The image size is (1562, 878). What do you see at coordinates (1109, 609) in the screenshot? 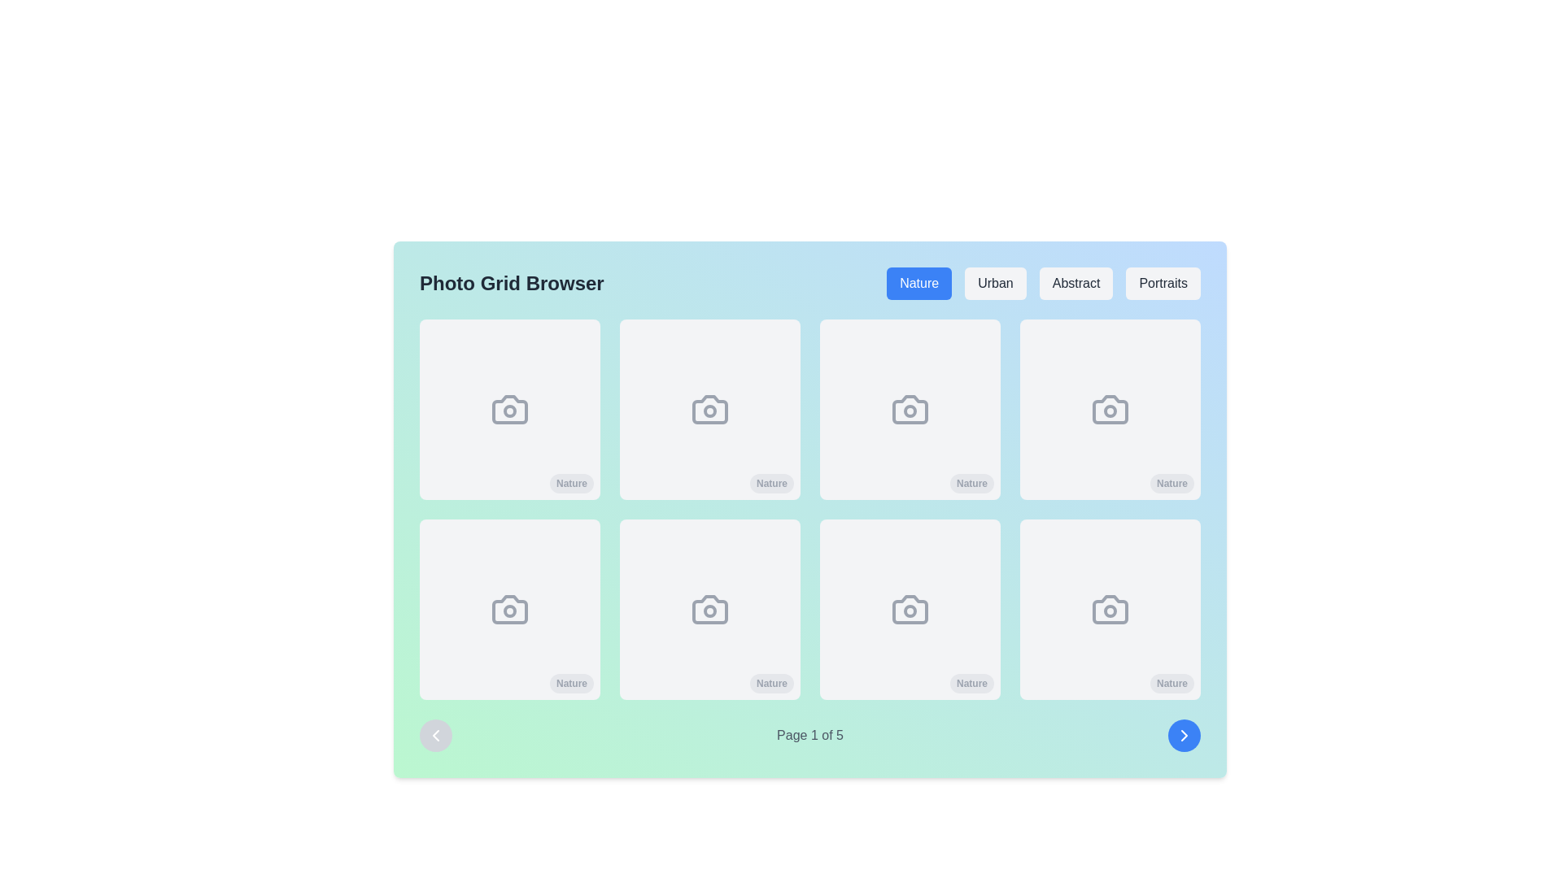
I see `the grid item with a light gray background containing a camera icon and a 'Nature' label` at bounding box center [1109, 609].